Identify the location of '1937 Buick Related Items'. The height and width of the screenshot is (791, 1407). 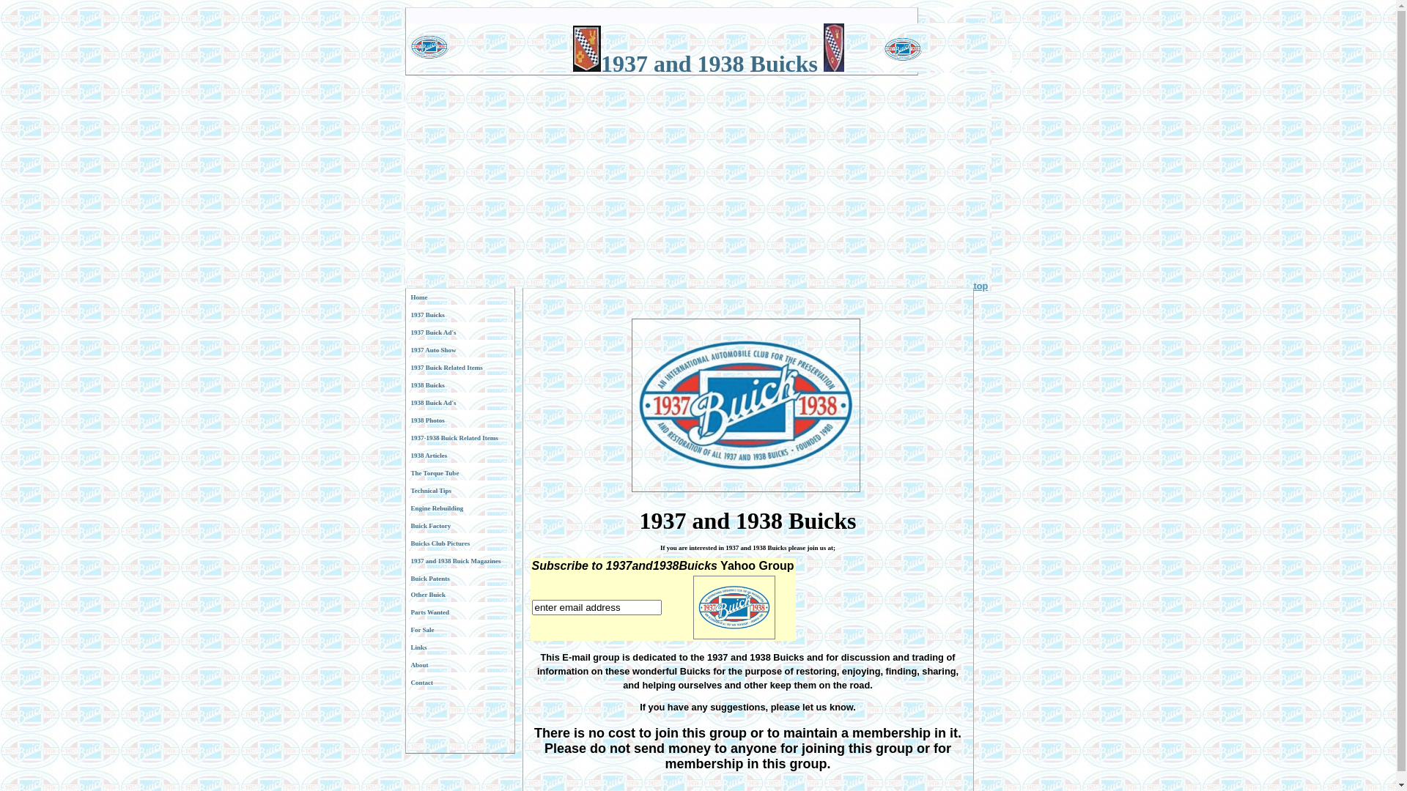
(405, 366).